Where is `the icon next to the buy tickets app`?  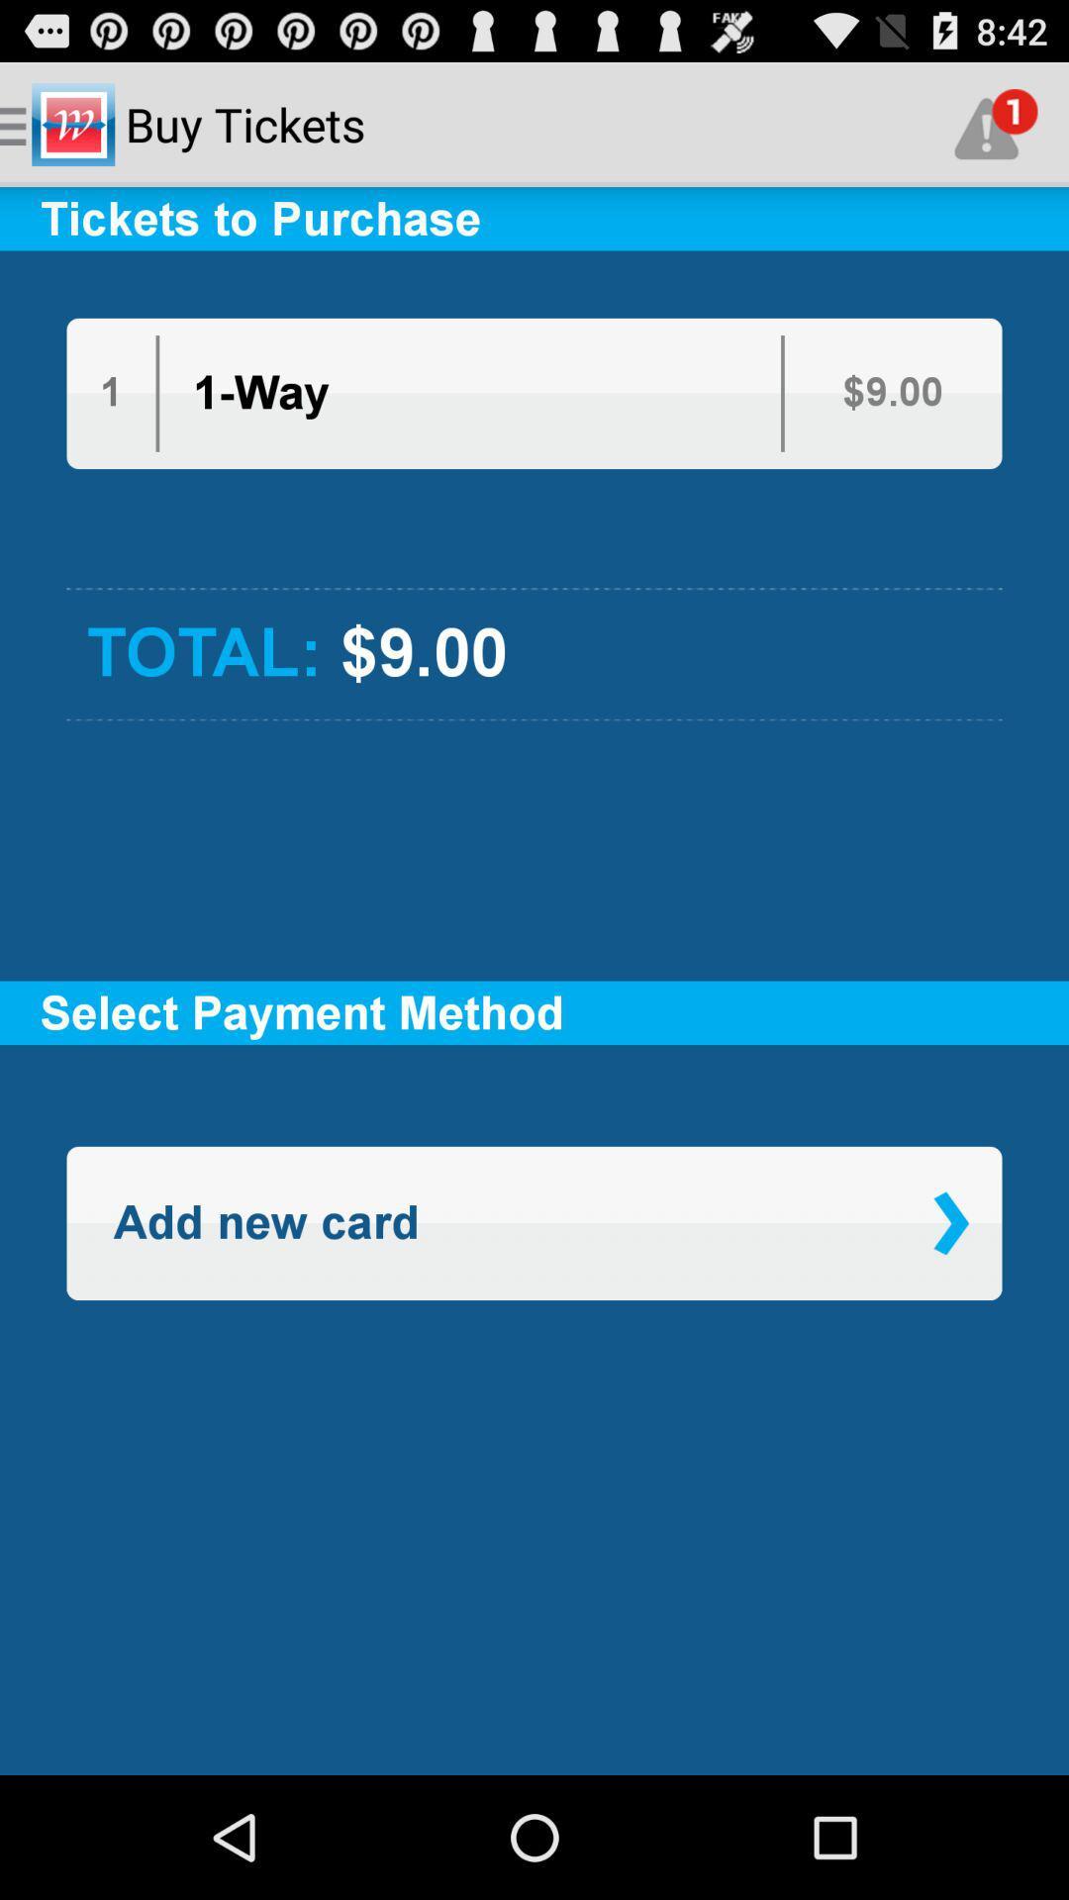 the icon next to the buy tickets app is located at coordinates (996, 123).